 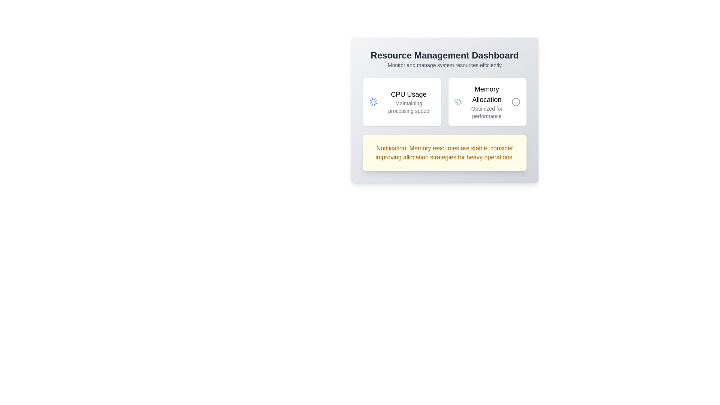 What do you see at coordinates (487, 102) in the screenshot?
I see `the spinning icon on the informational card related to memory allocation, which is the second card from the left in the Resource Management Dashboard, to check for activity indication` at bounding box center [487, 102].